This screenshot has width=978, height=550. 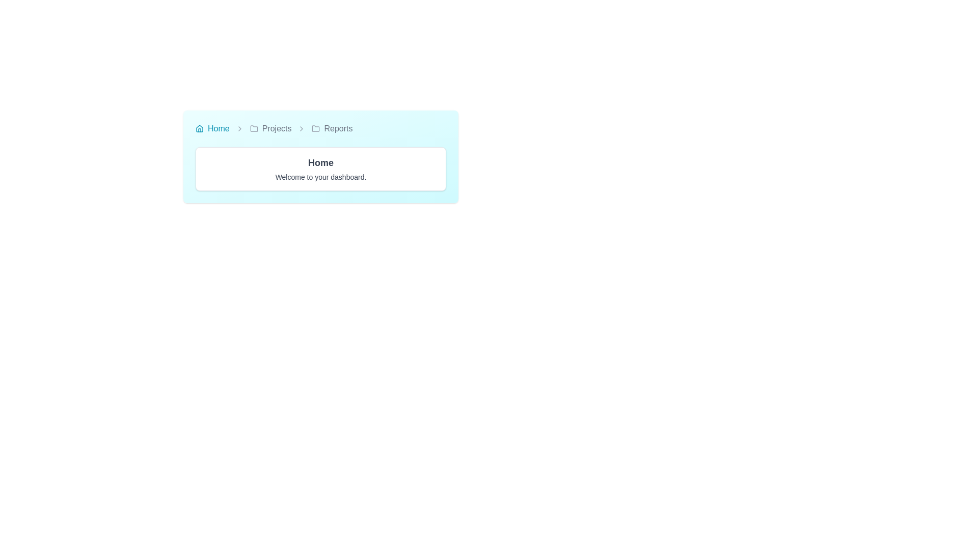 I want to click on the breadcrumb navigation link for 'Projects', so click(x=277, y=128).